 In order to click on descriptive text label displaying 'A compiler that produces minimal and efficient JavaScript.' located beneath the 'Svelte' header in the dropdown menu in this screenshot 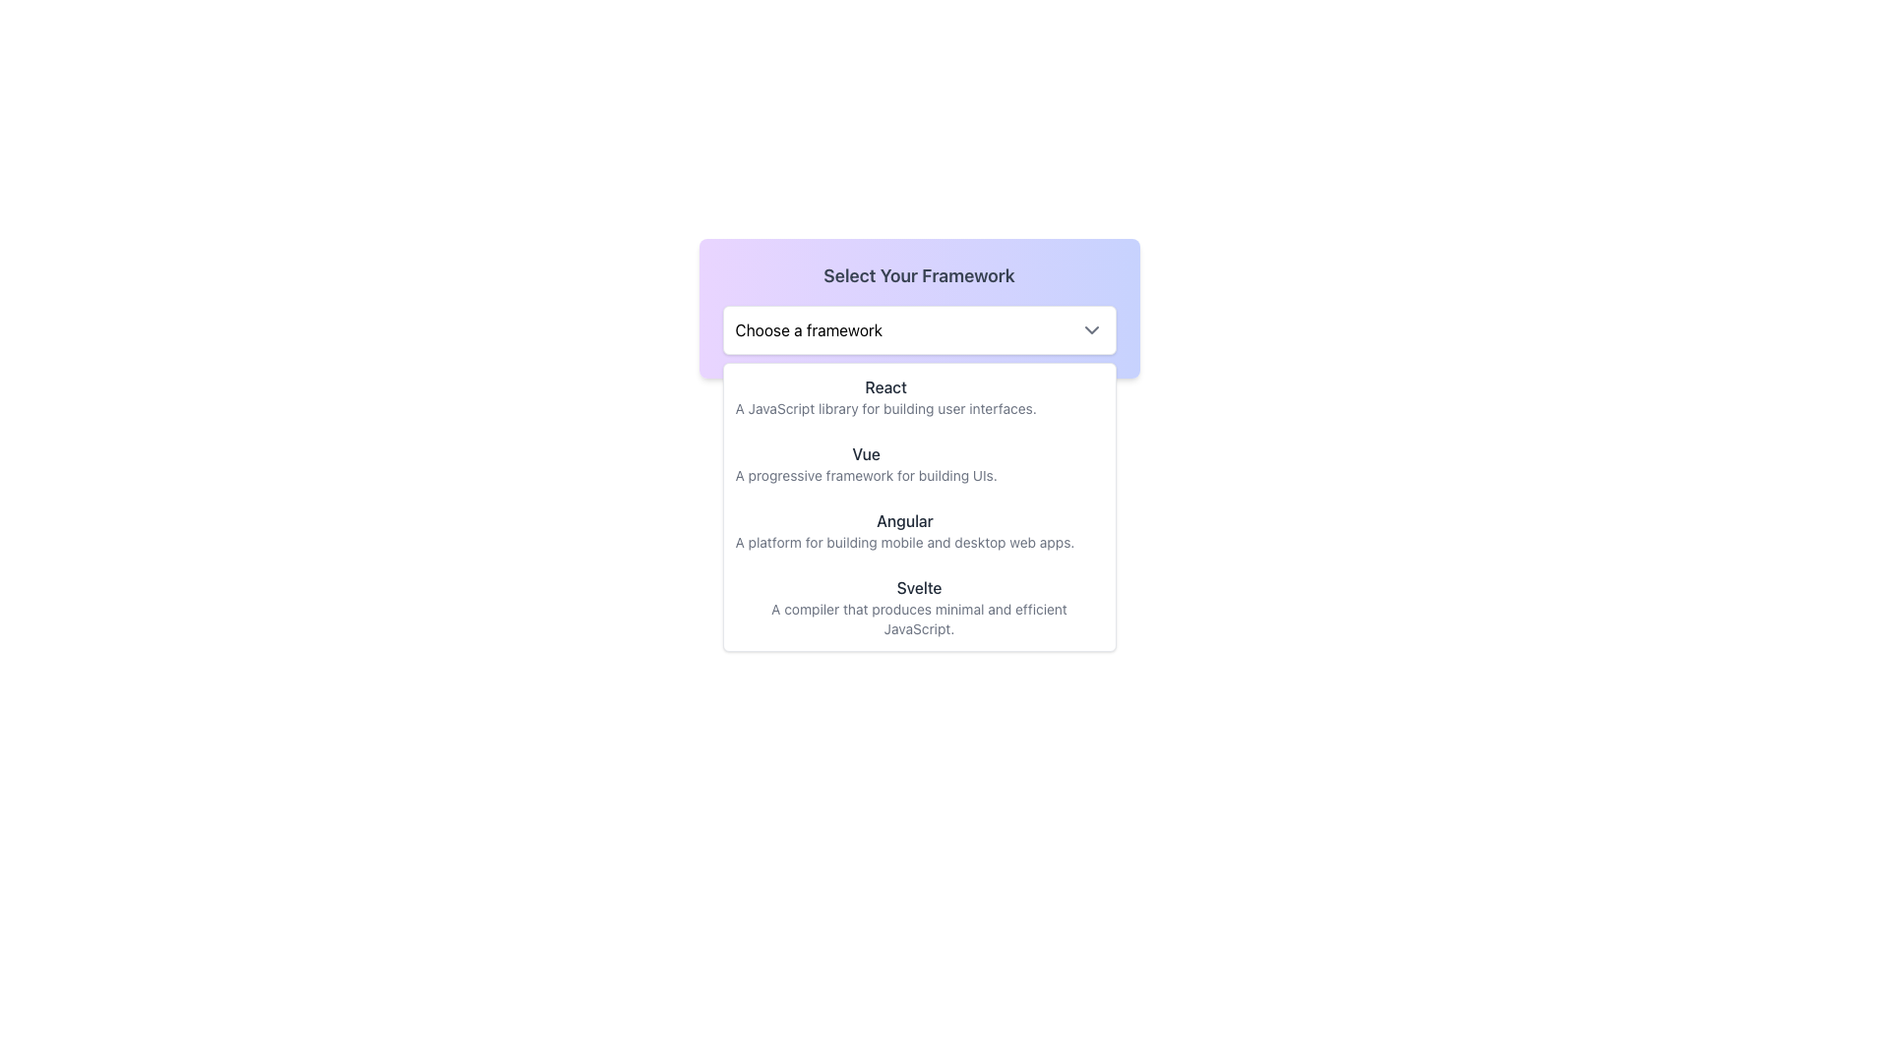, I will do `click(918, 618)`.